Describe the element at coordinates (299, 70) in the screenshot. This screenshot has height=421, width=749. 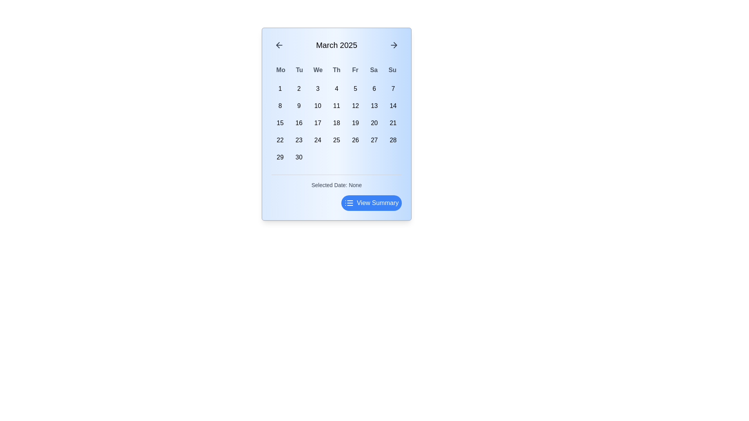
I see `the 'Tuesday' text label, which is the second item in the horizontal list of days at the top of the calendar interface, located between 'Mo' and 'We'` at that location.